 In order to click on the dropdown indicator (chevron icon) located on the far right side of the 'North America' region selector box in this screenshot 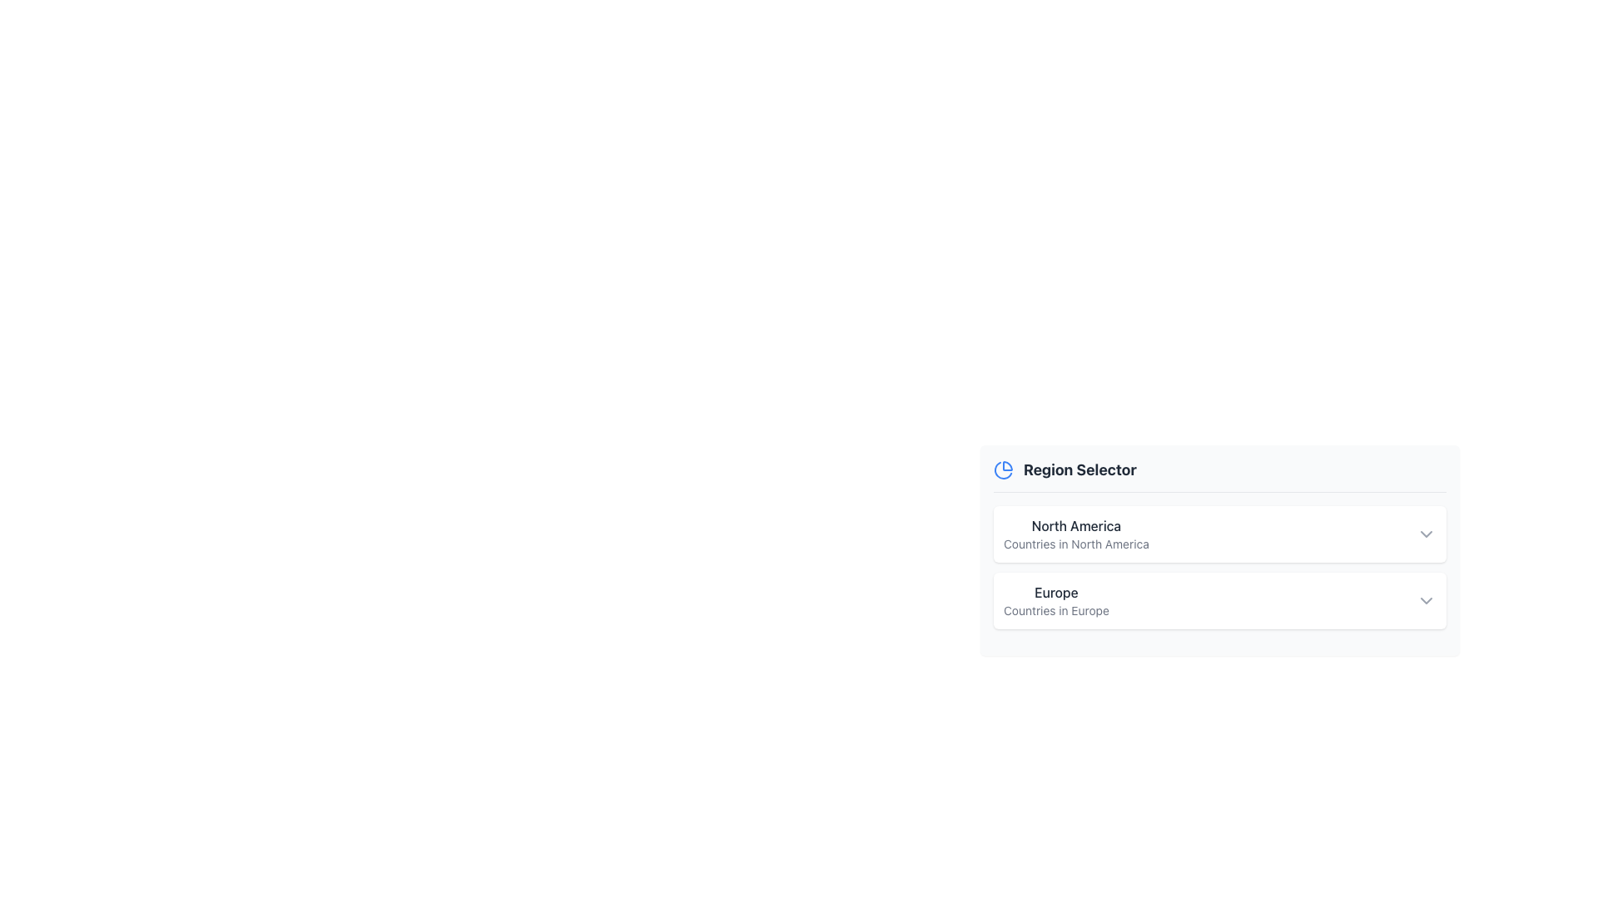, I will do `click(1425, 534)`.